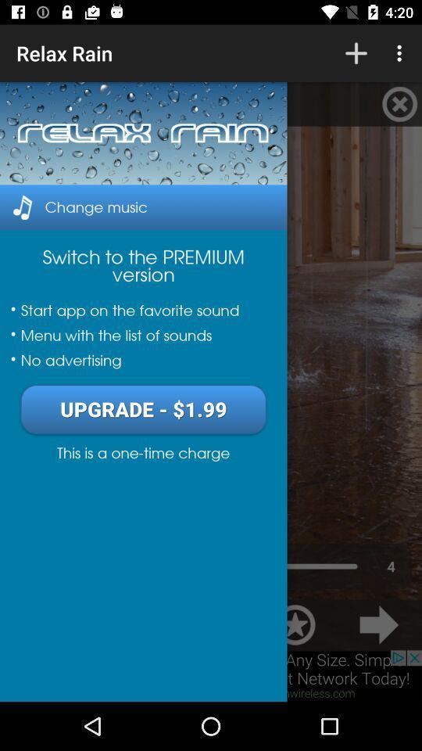  What do you see at coordinates (399, 103) in the screenshot?
I see `the top right side cancel option` at bounding box center [399, 103].